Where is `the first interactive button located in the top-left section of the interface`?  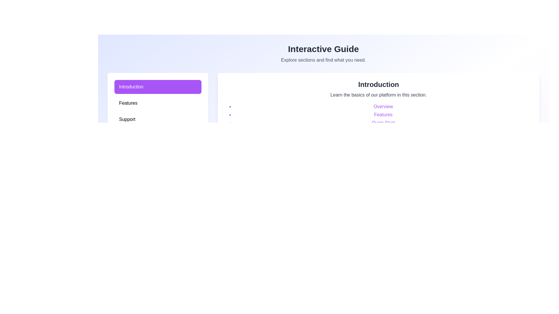
the first interactive button located in the top-left section of the interface is located at coordinates (158, 87).